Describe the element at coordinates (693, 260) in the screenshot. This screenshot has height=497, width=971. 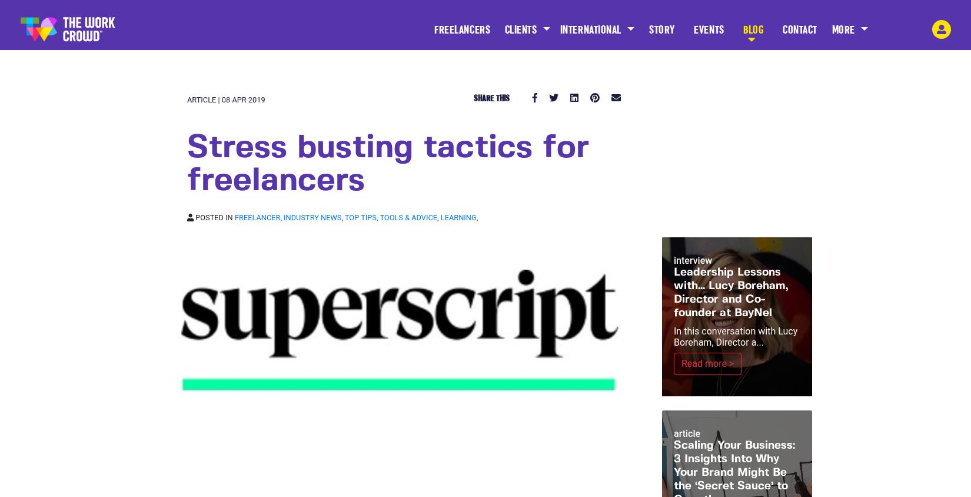
I see `'interview'` at that location.